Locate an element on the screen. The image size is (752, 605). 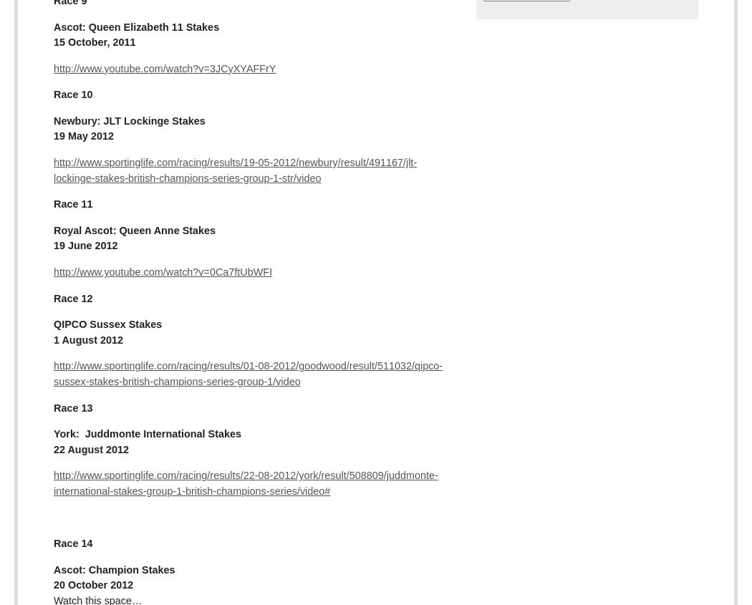
'19 May 2012' is located at coordinates (82, 135).